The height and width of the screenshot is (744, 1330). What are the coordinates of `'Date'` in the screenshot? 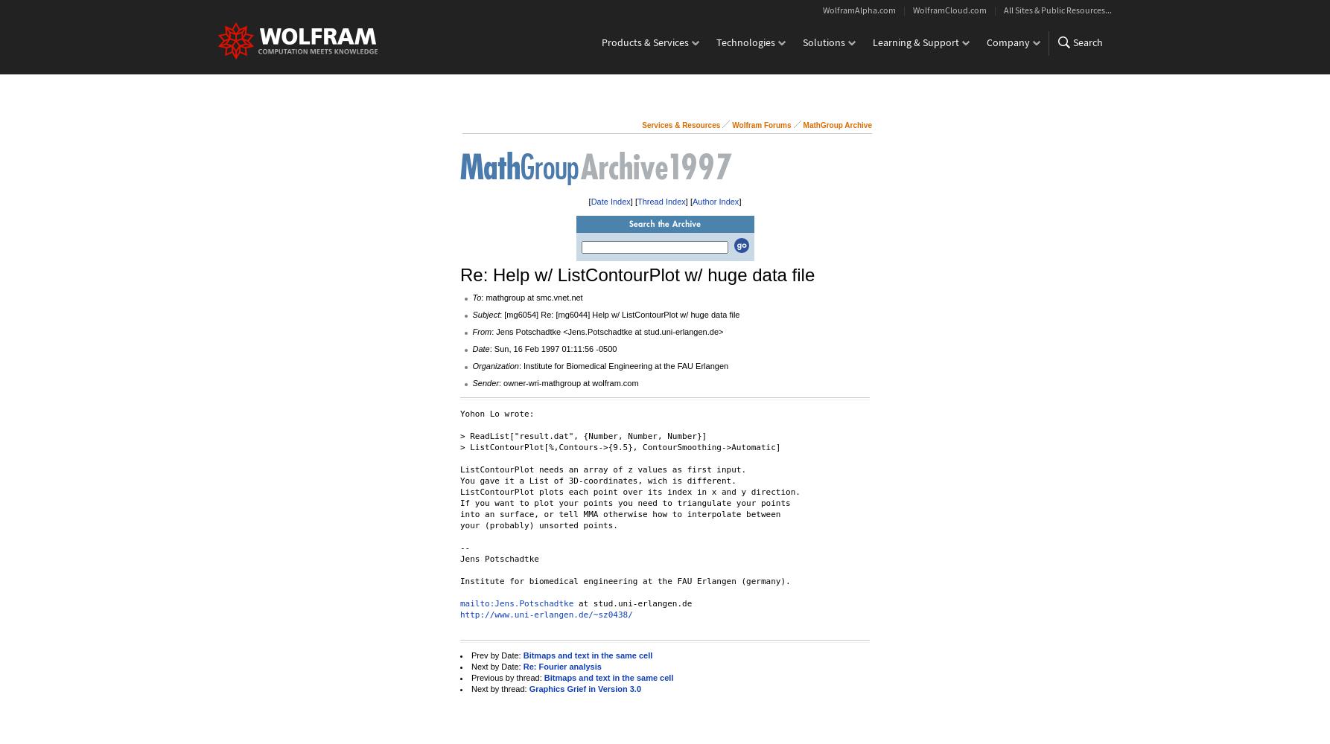 It's located at (480, 348).